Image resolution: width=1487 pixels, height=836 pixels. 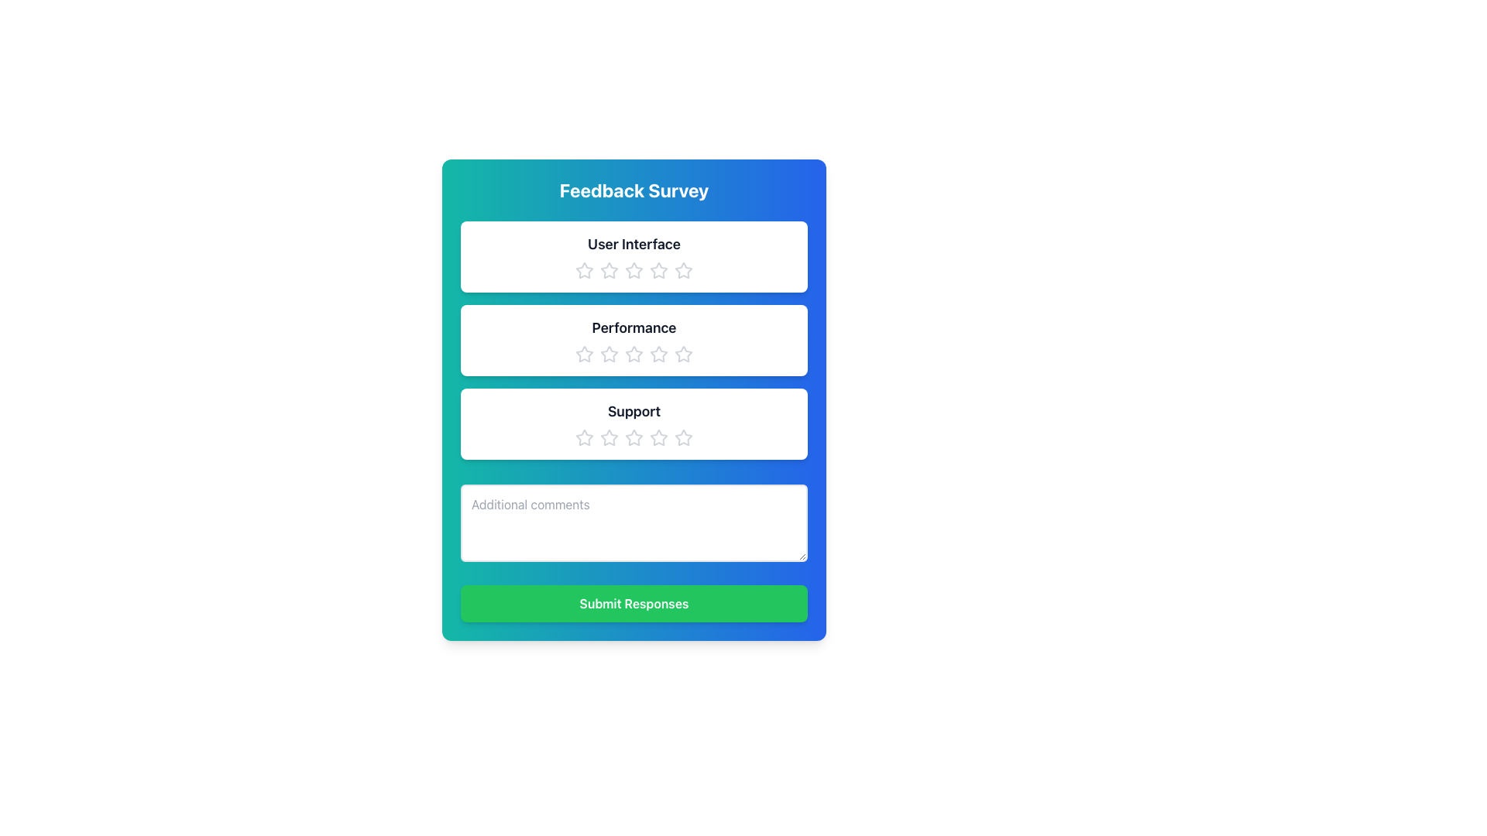 What do you see at coordinates (583, 269) in the screenshot?
I see `the first star in the horizontal row of five stars to assign the lowest rating for the 'User Interface' category` at bounding box center [583, 269].